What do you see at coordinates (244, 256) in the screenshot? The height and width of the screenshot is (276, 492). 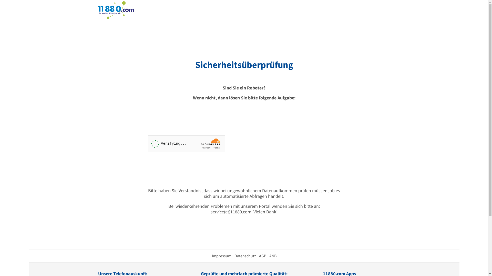 I see `'Datenschutz'` at bounding box center [244, 256].